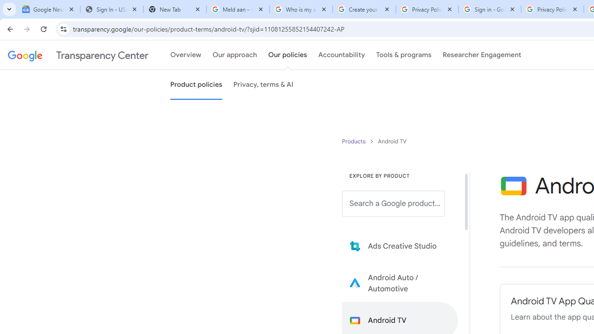 Image resolution: width=594 pixels, height=334 pixels. Describe the element at coordinates (363, 9) in the screenshot. I see `'Create your Google Account'` at that location.